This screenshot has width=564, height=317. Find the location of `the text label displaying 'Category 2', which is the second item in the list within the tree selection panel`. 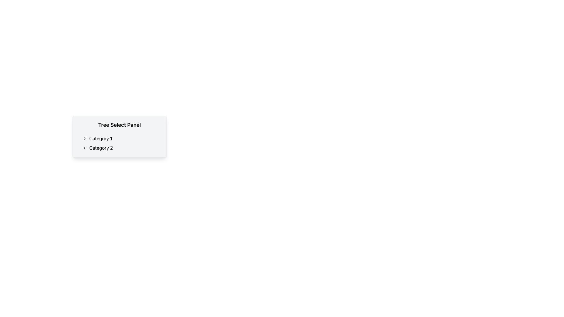

the text label displaying 'Category 2', which is the second item in the list within the tree selection panel is located at coordinates (101, 148).